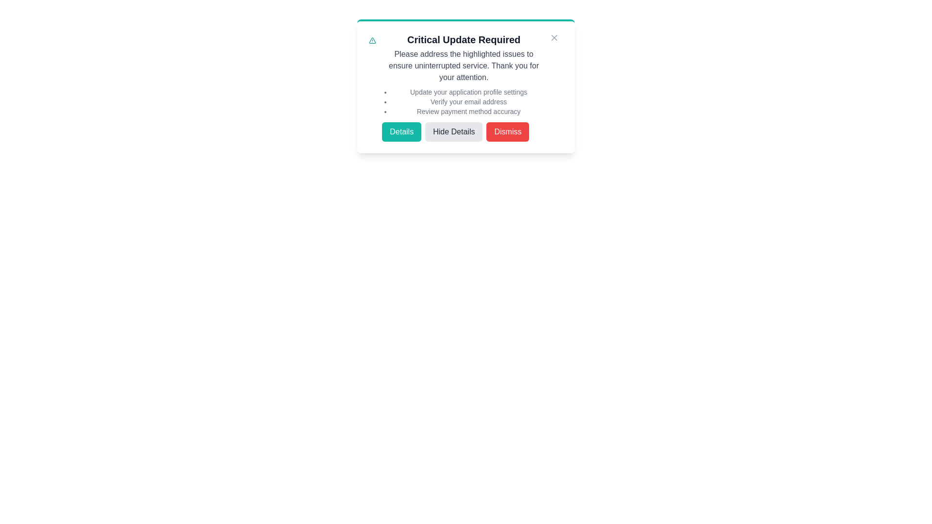  Describe the element at coordinates (372, 40) in the screenshot. I see `the warning icon located near the top-left corner of the notification box, adjacent to the text 'Critical Update Required'` at that location.